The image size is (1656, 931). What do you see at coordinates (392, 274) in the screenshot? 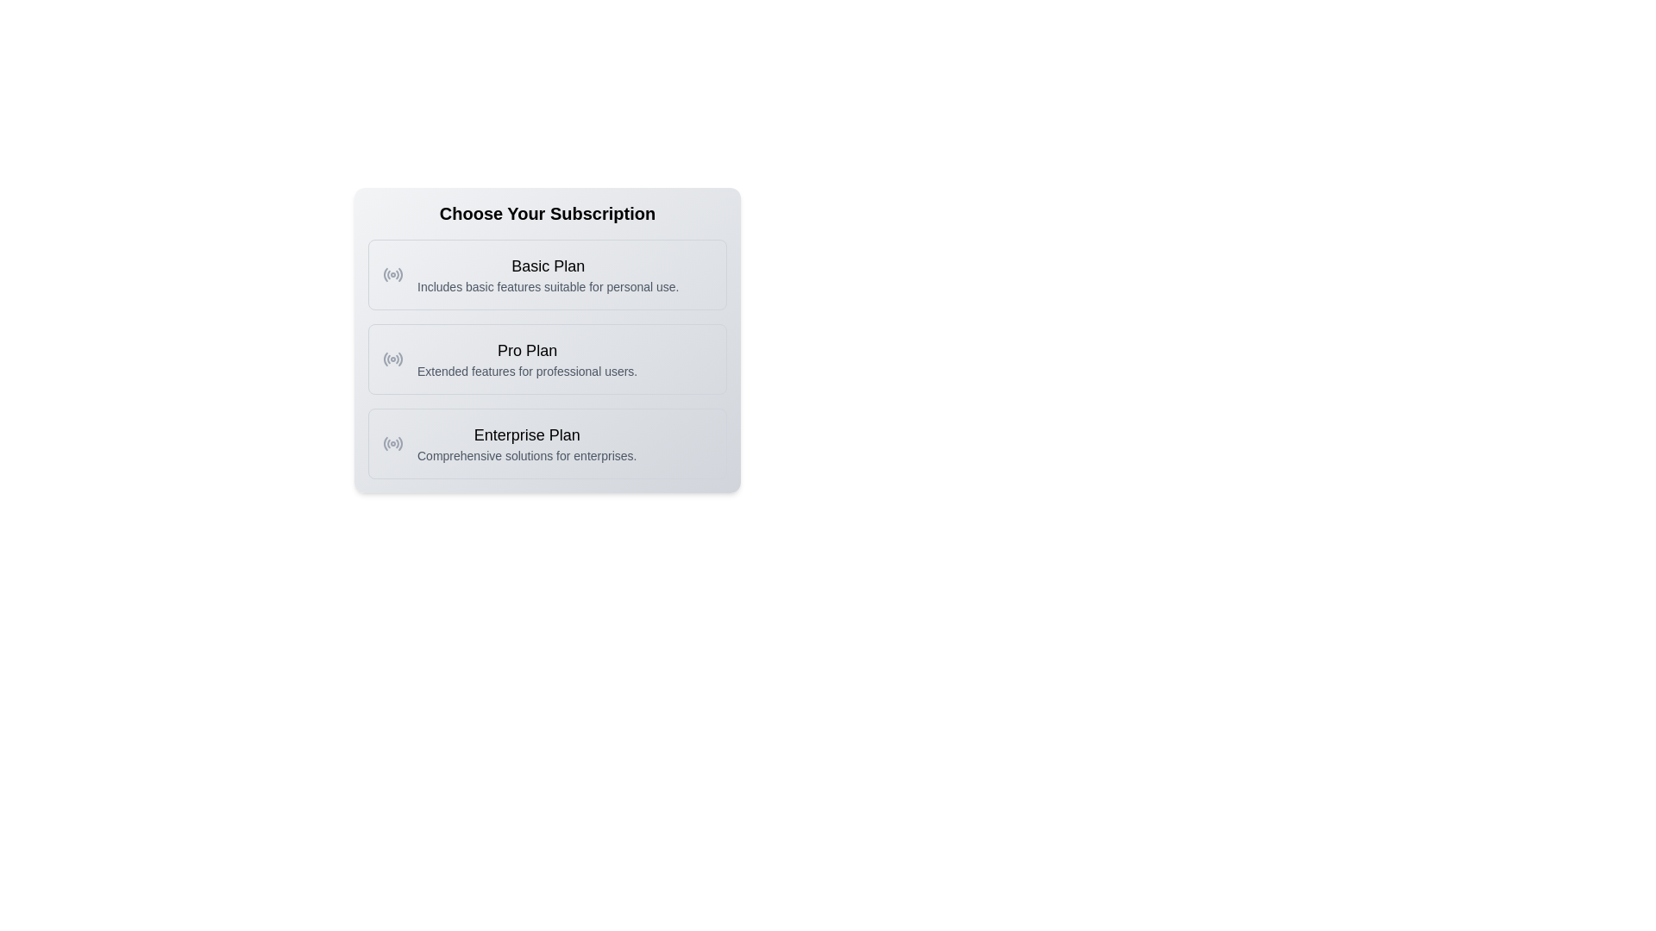
I see `the circular gray icon resembling a radio signal symbol located to the left of the 'Basic Plan' subscription description` at bounding box center [392, 274].